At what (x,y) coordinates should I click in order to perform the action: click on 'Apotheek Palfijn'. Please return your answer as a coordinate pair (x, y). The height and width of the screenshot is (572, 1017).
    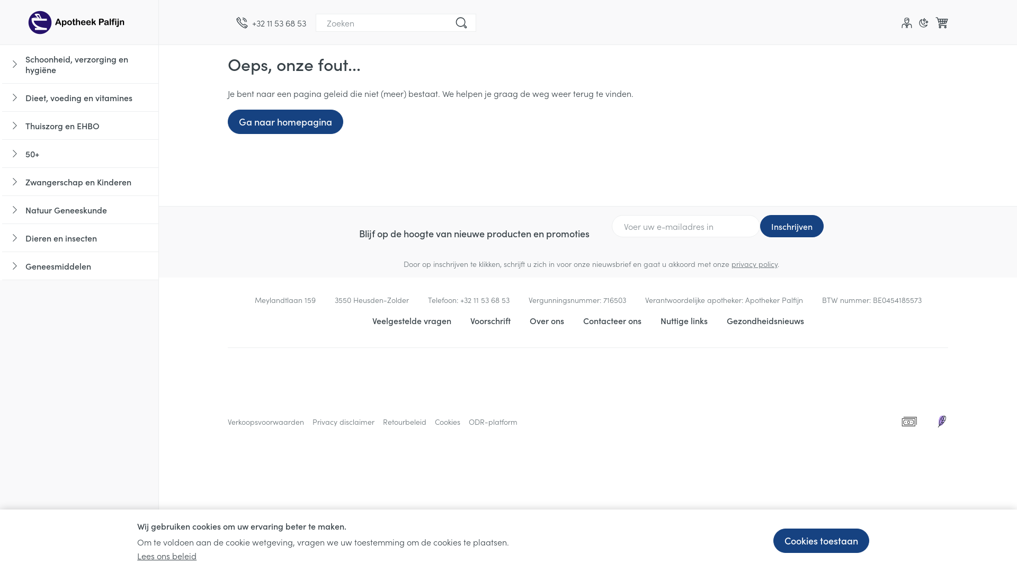
    Looking at the image, I should click on (78, 22).